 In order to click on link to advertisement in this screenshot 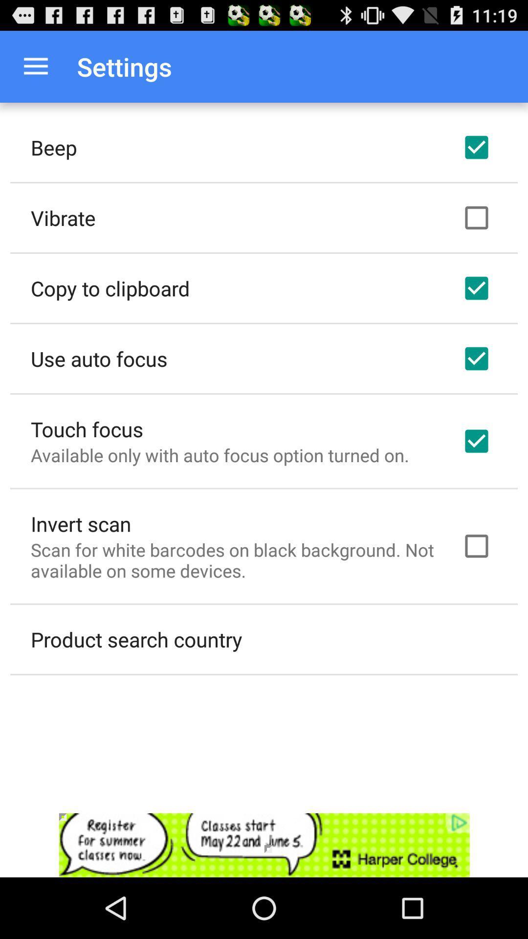, I will do `click(264, 845)`.